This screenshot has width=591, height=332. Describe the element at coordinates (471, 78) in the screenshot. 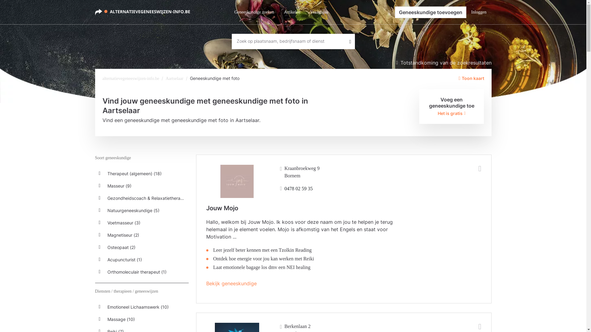

I see `'Toon kaart'` at that location.